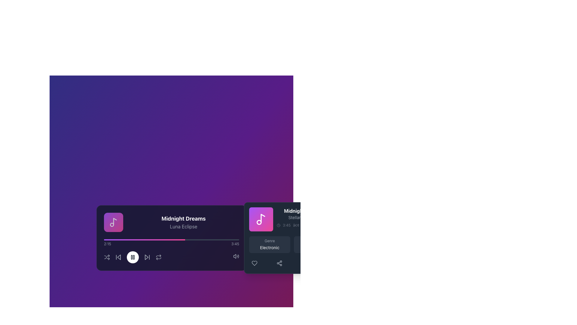 The image size is (577, 325). What do you see at coordinates (278, 225) in the screenshot?
I see `Circular SVG component that represents the clock's outer boundary for accessibility or design specifications` at bounding box center [278, 225].